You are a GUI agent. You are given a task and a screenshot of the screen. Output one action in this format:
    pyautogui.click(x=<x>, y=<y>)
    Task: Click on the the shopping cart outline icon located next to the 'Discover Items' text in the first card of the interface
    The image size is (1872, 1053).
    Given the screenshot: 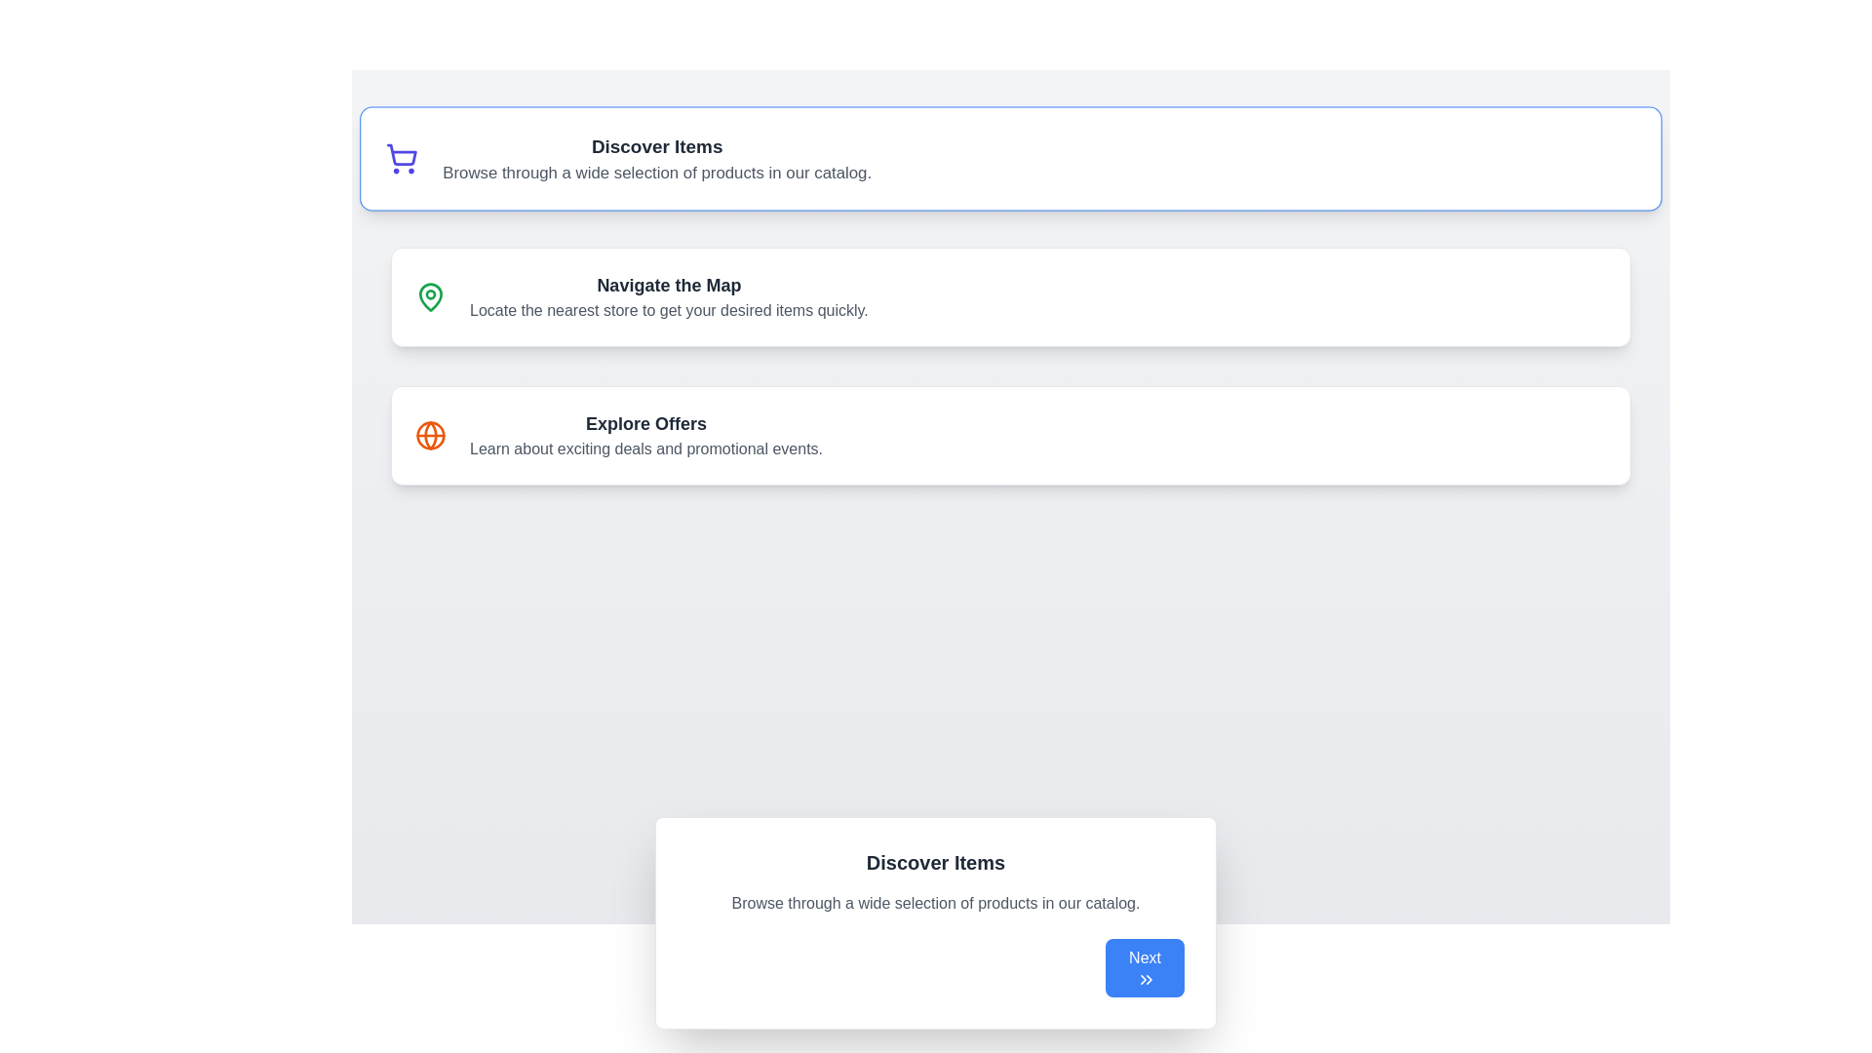 What is the action you would take?
    pyautogui.click(x=401, y=153)
    